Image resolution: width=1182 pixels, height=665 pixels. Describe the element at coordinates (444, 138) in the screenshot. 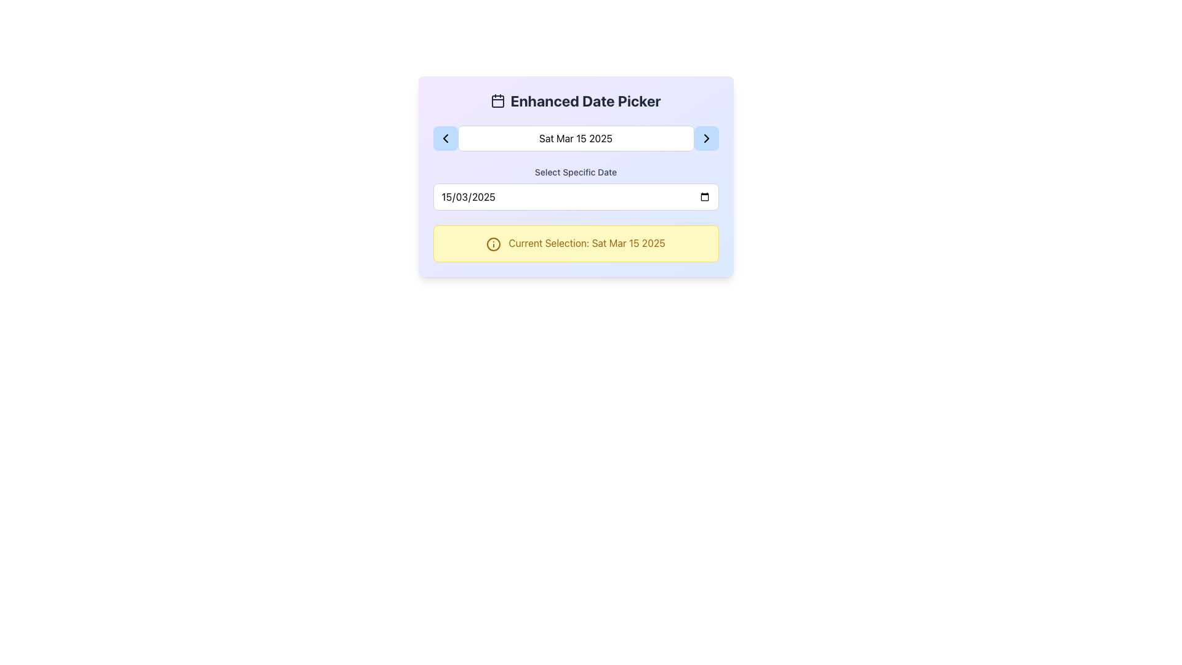

I see `the navigation button located in the left section of the primary navigation row of the Enhanced Date Picker` at that location.